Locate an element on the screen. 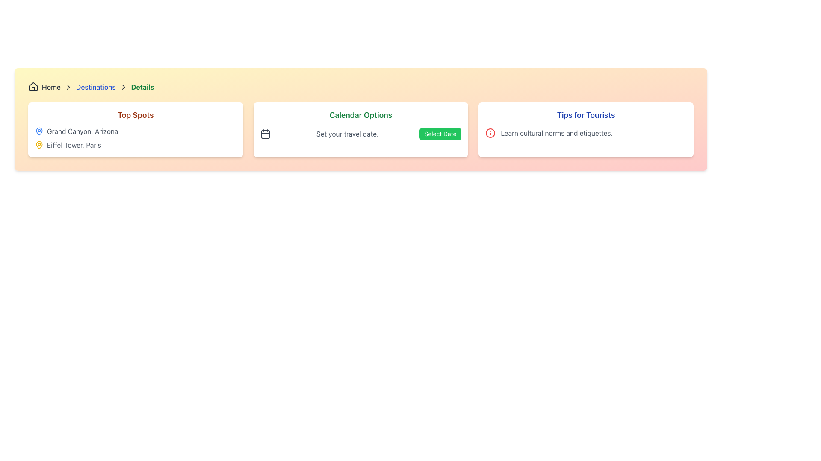  the second list item in the 'Top Spots' section is located at coordinates (135, 144).